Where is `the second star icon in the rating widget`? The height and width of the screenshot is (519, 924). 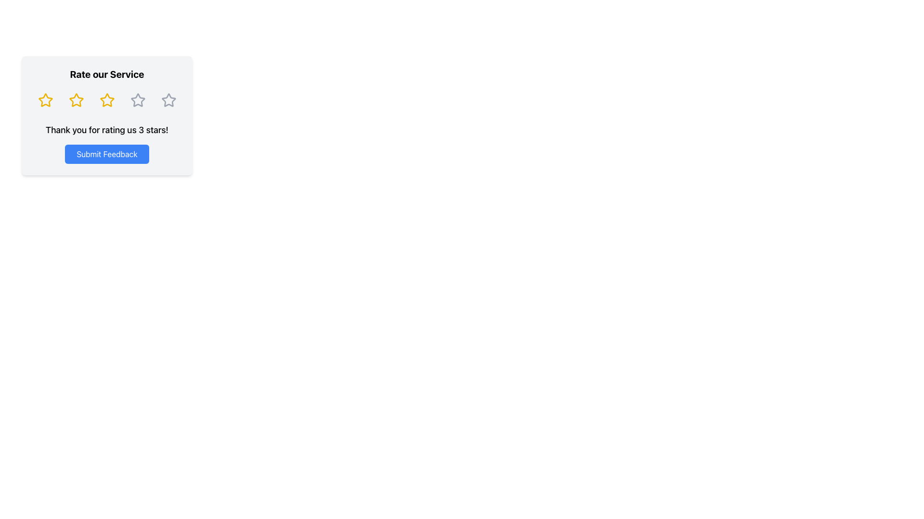
the second star icon in the rating widget is located at coordinates (76, 100).